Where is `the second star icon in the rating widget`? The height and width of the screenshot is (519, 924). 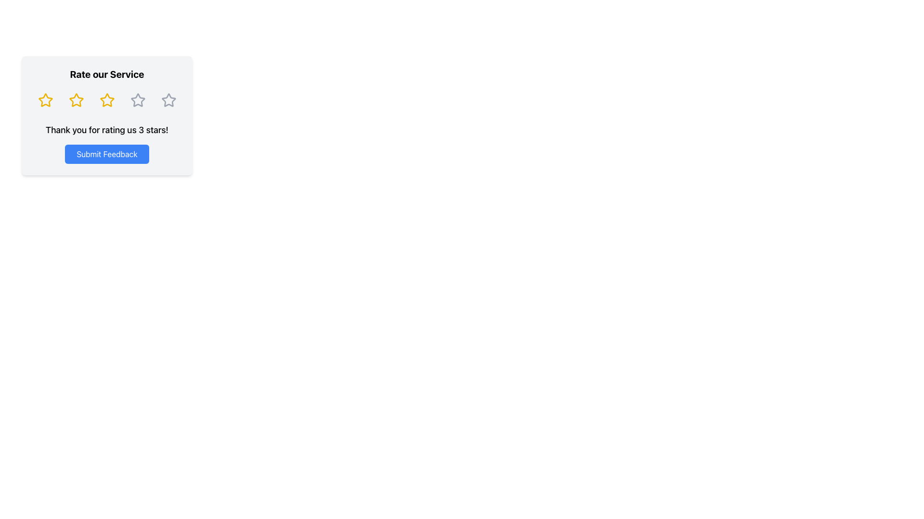
the second star icon in the rating widget is located at coordinates (76, 100).